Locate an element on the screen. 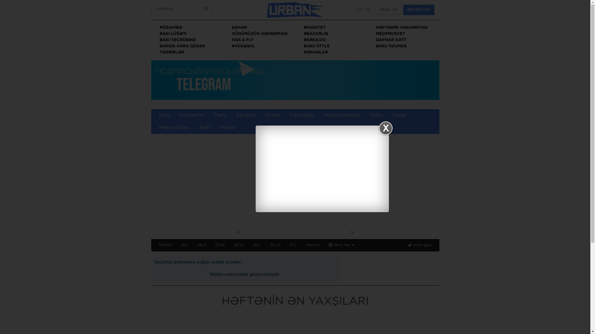 The height and width of the screenshot is (334, 595). '#PASHTET' is located at coordinates (314, 27).